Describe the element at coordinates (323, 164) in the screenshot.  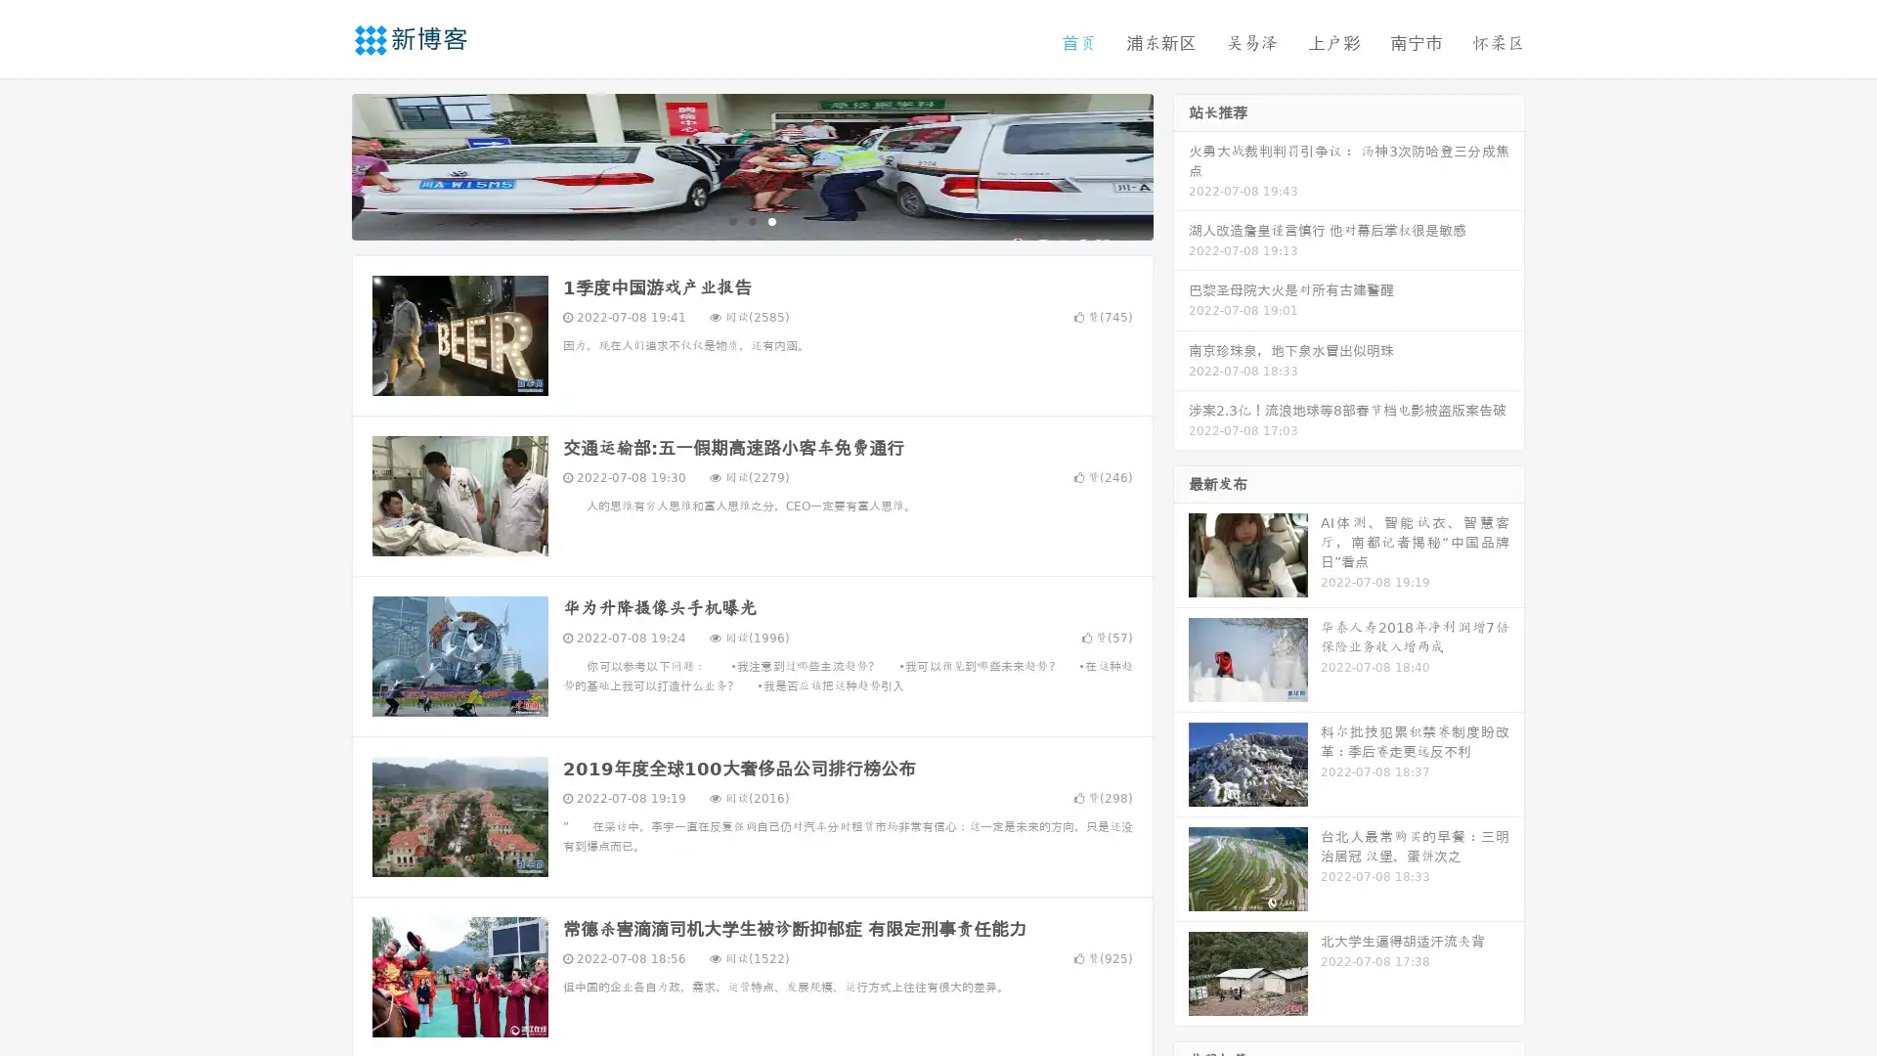
I see `Previous slide` at that location.